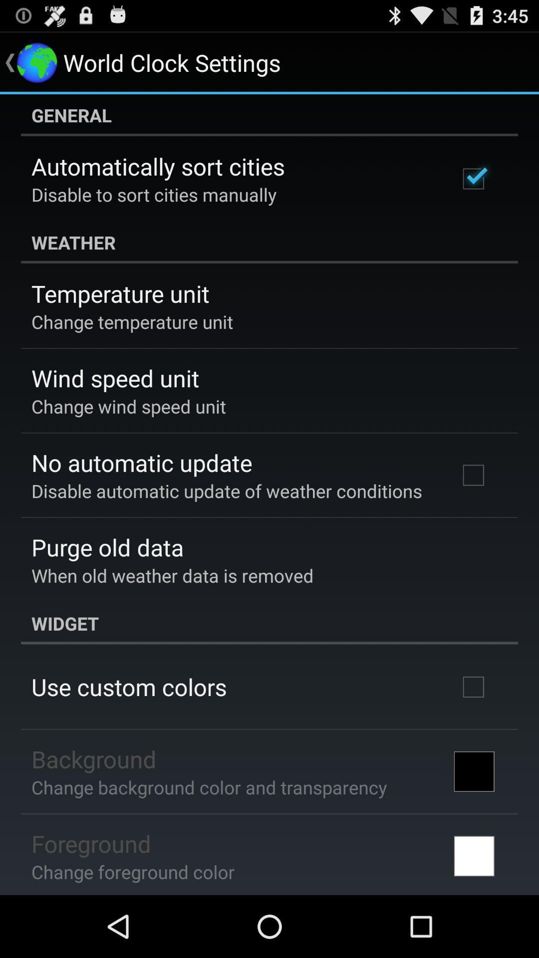  I want to click on app above widget app, so click(172, 575).